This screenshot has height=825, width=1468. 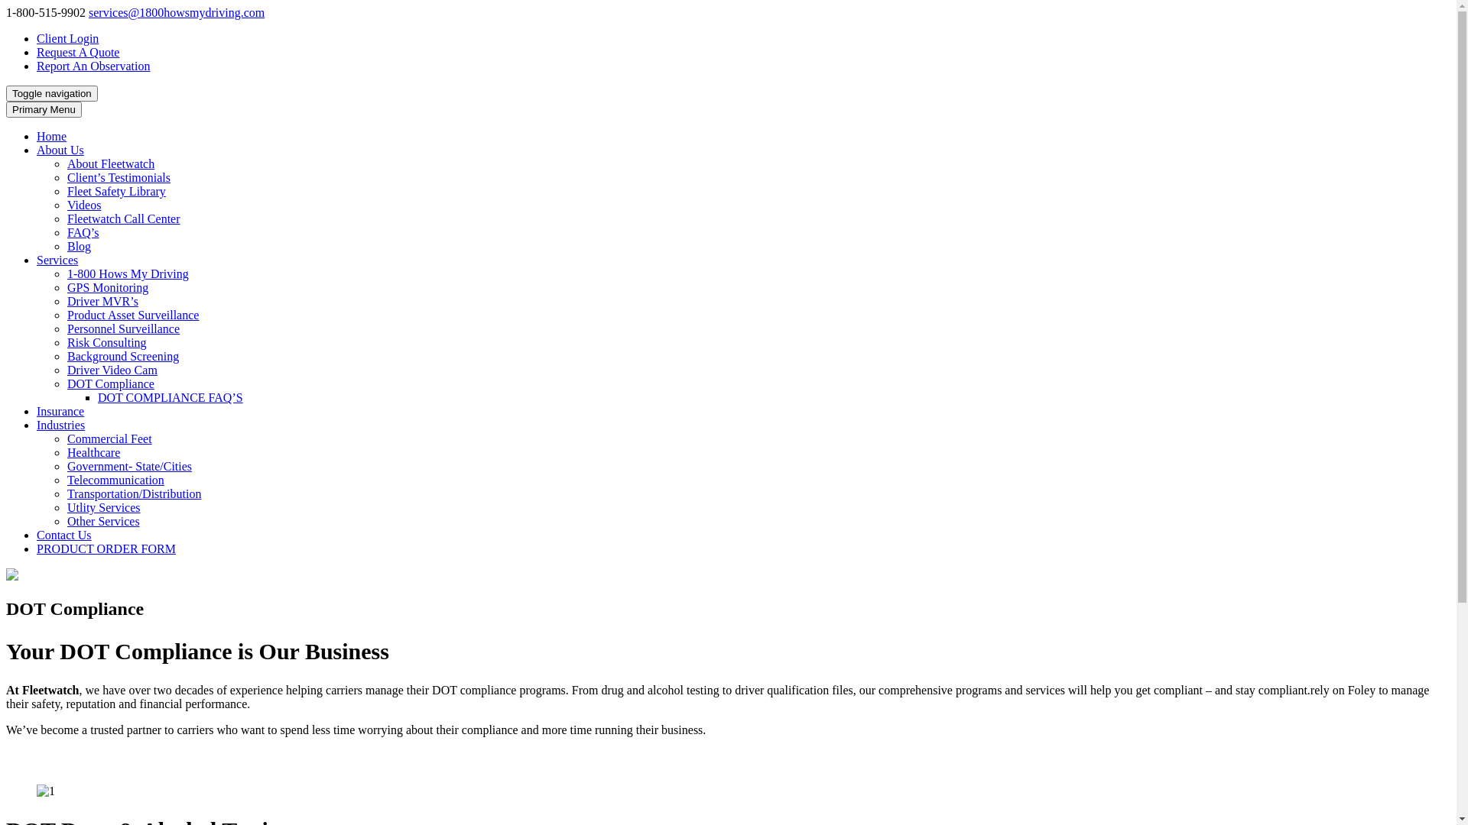 I want to click on 'services@1800howsmydriving.com', so click(x=87, y=12).